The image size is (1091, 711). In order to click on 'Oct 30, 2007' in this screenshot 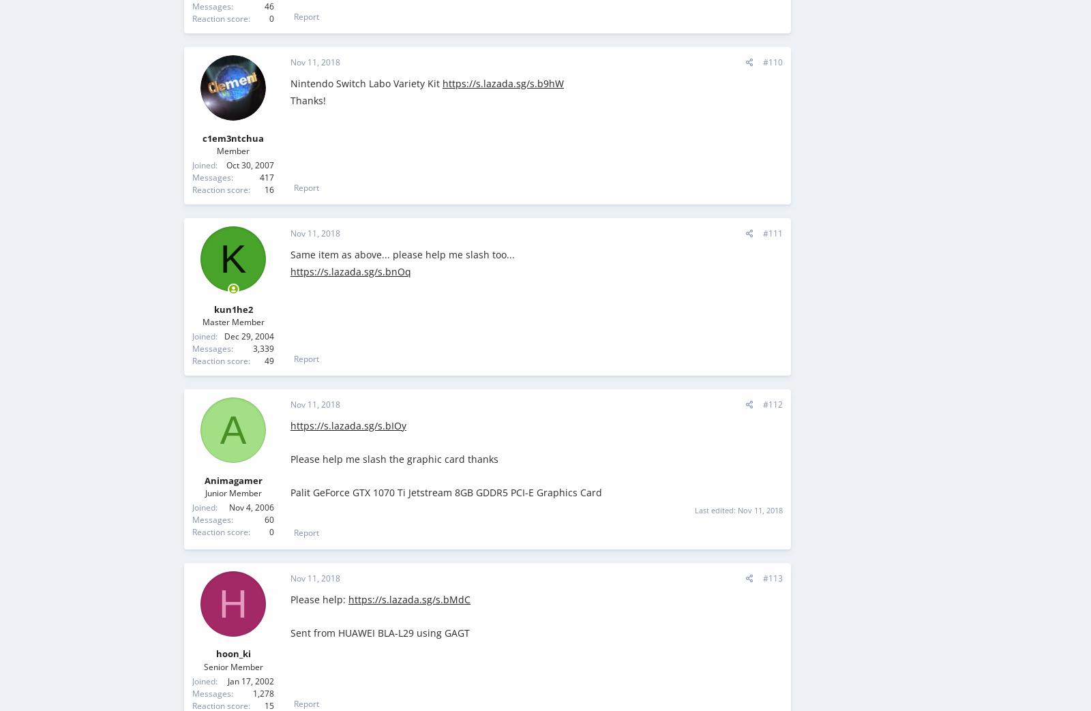, I will do `click(250, 165)`.